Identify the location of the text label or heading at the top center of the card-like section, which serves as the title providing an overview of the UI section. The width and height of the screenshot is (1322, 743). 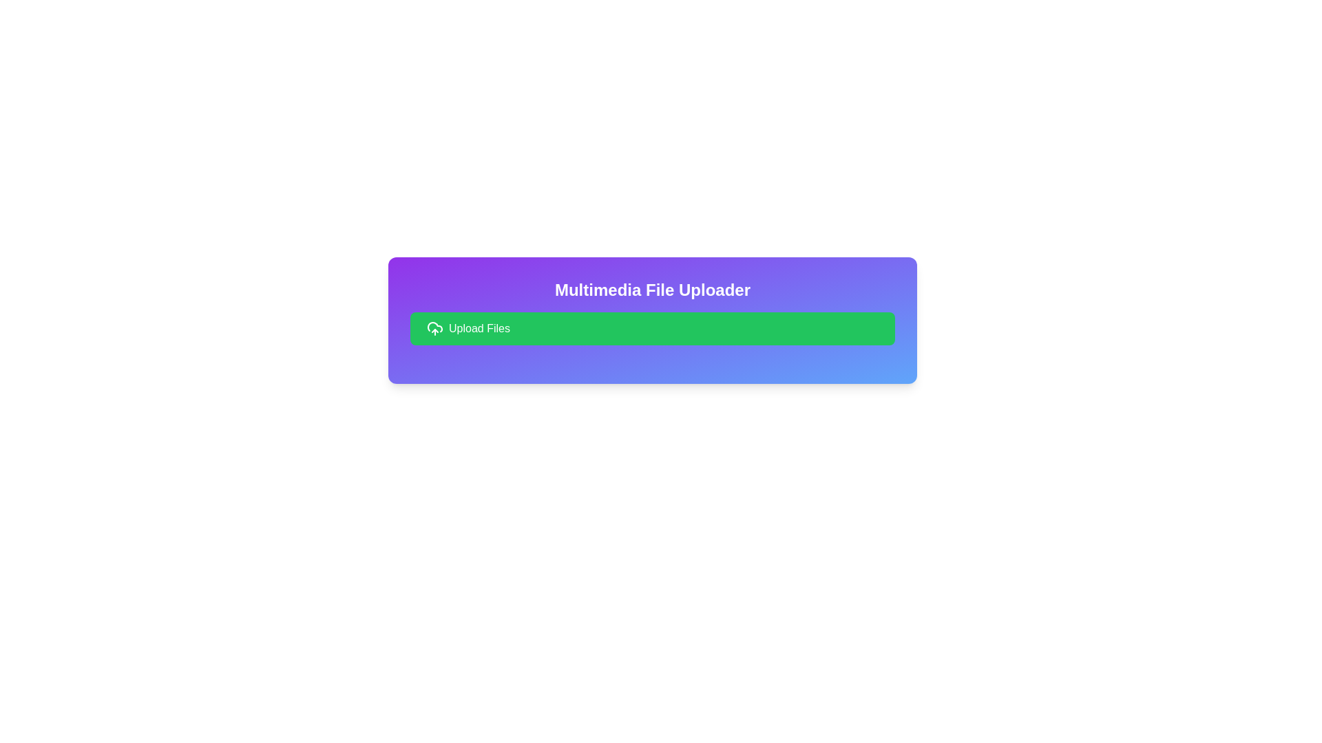
(652, 289).